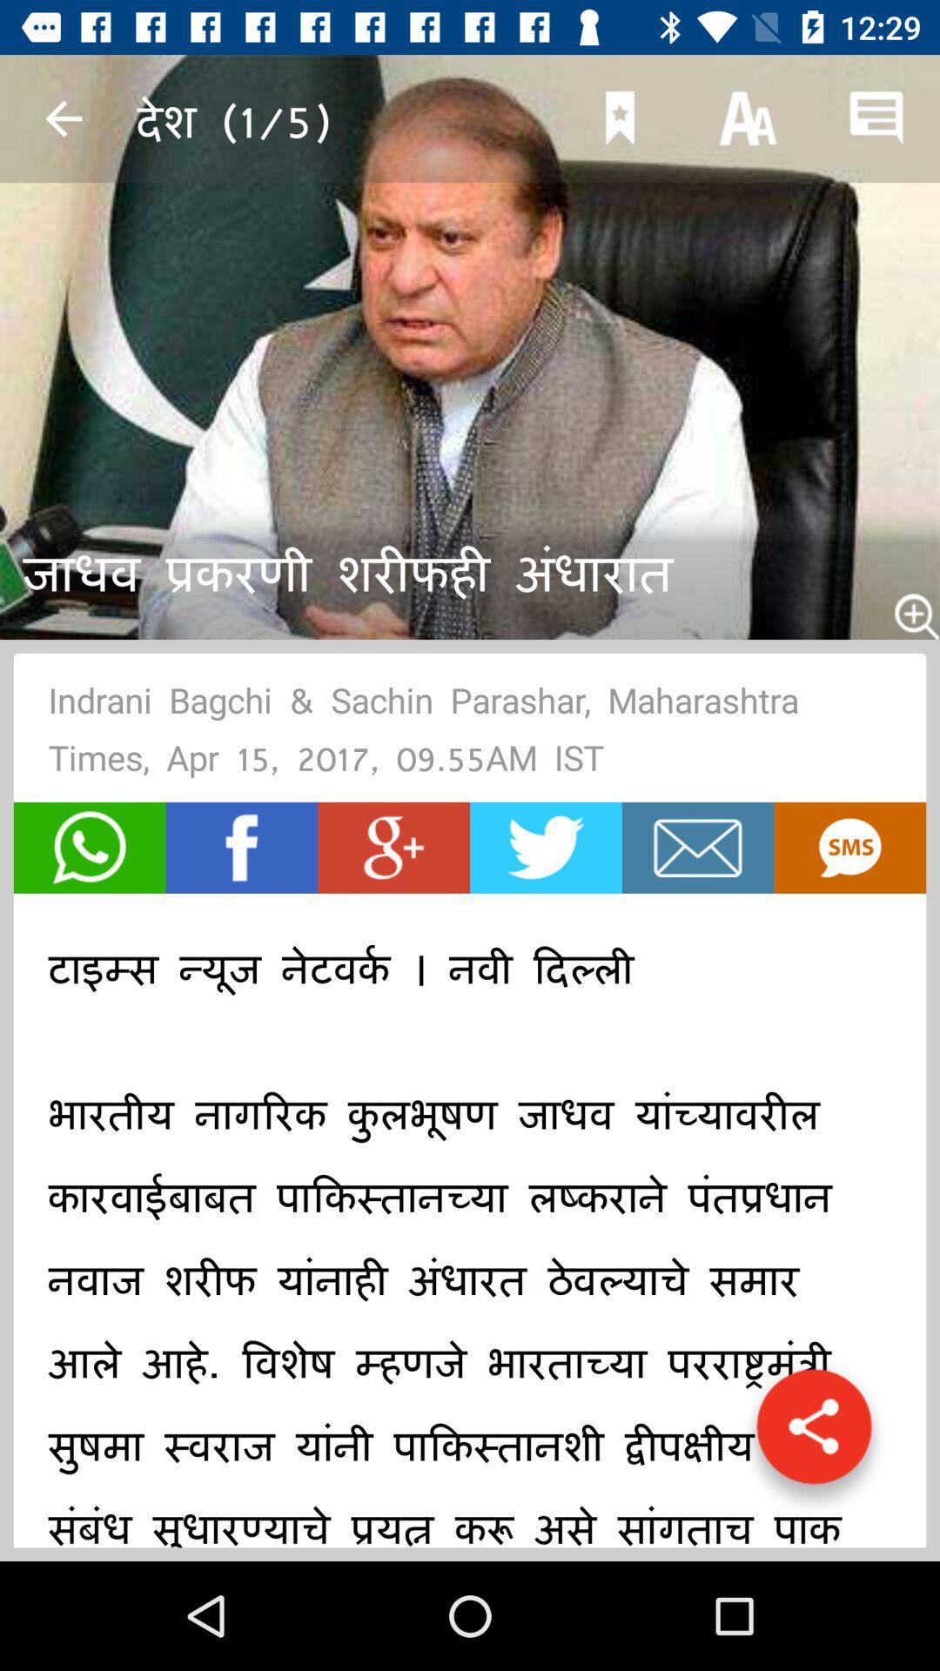  What do you see at coordinates (849, 848) in the screenshot?
I see `sms button` at bounding box center [849, 848].